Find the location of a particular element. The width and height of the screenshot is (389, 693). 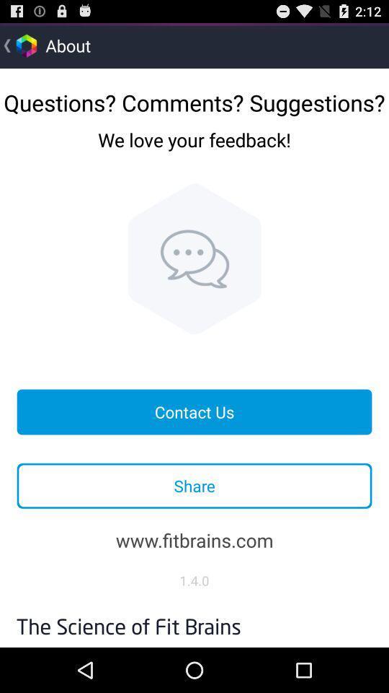

the icon above the the science of is located at coordinates (194, 580).